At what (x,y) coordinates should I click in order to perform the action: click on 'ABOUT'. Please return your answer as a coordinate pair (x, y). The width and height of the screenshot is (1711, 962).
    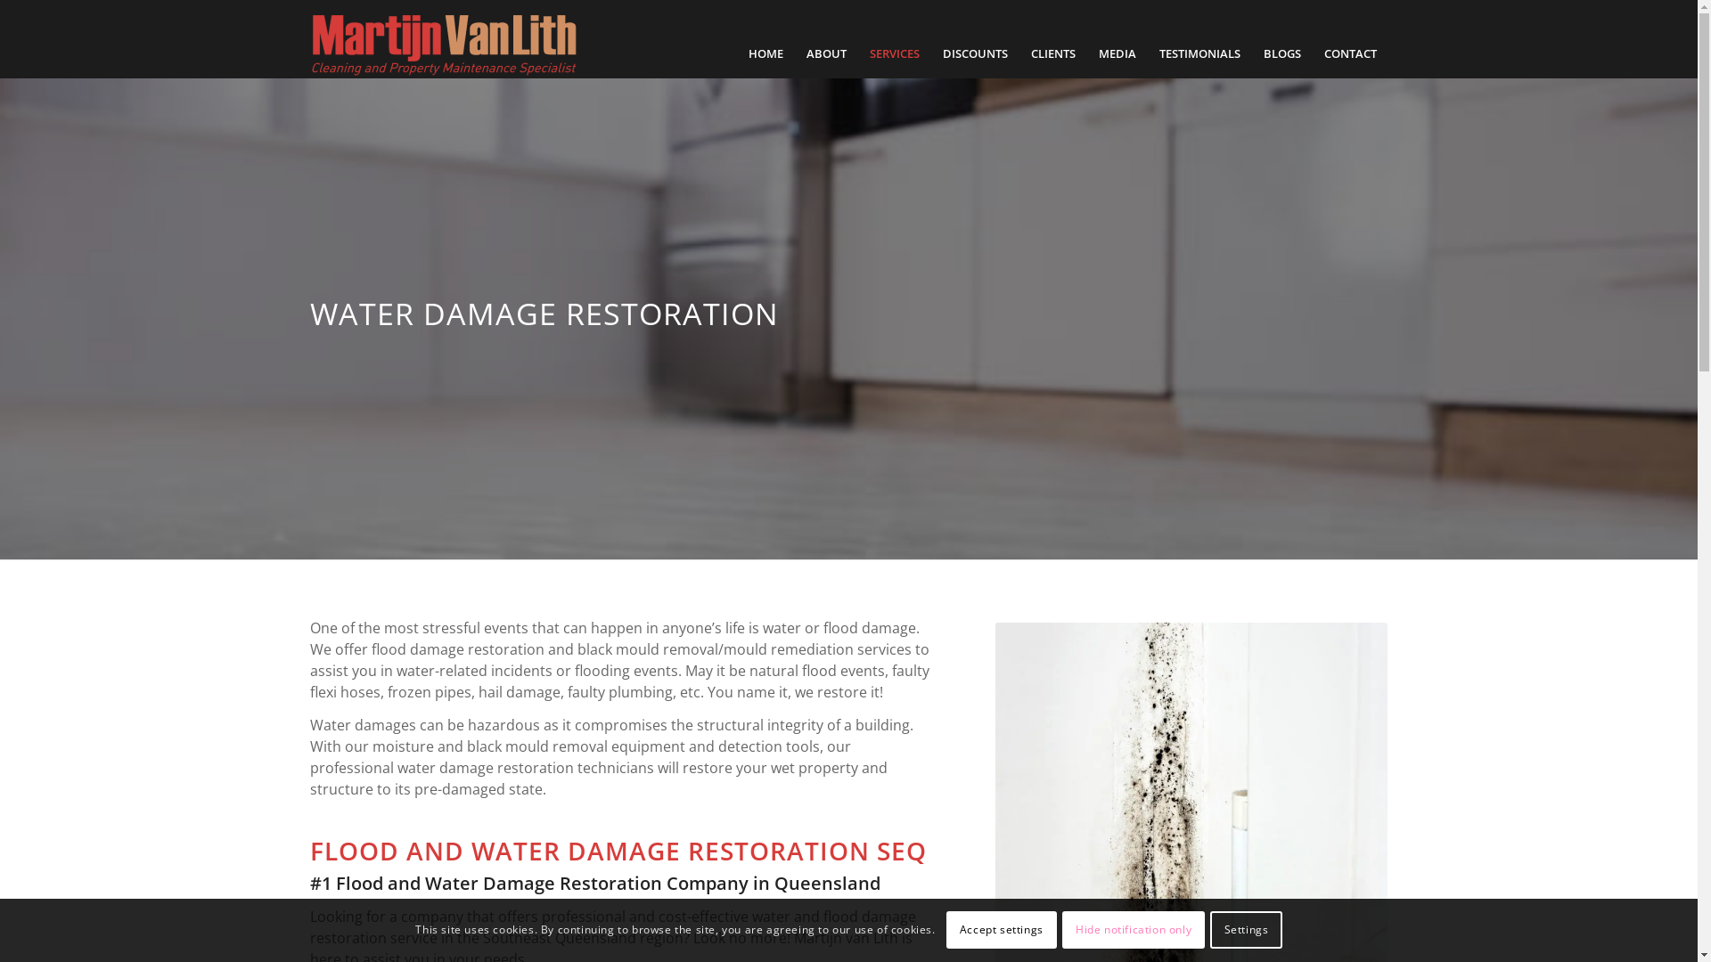
    Looking at the image, I should click on (825, 53).